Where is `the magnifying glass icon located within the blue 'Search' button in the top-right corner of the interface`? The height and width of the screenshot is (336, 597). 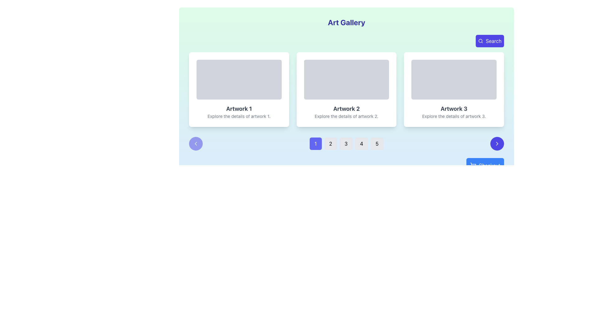
the magnifying glass icon located within the blue 'Search' button in the top-right corner of the interface is located at coordinates (480, 41).